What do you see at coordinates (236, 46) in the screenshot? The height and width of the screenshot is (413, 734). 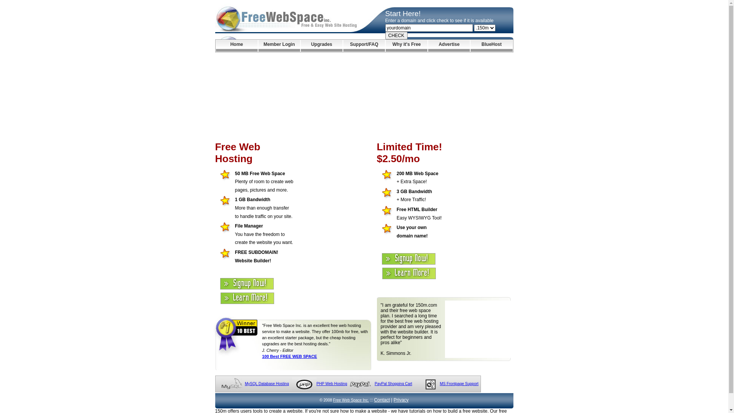 I see `'Home'` at bounding box center [236, 46].